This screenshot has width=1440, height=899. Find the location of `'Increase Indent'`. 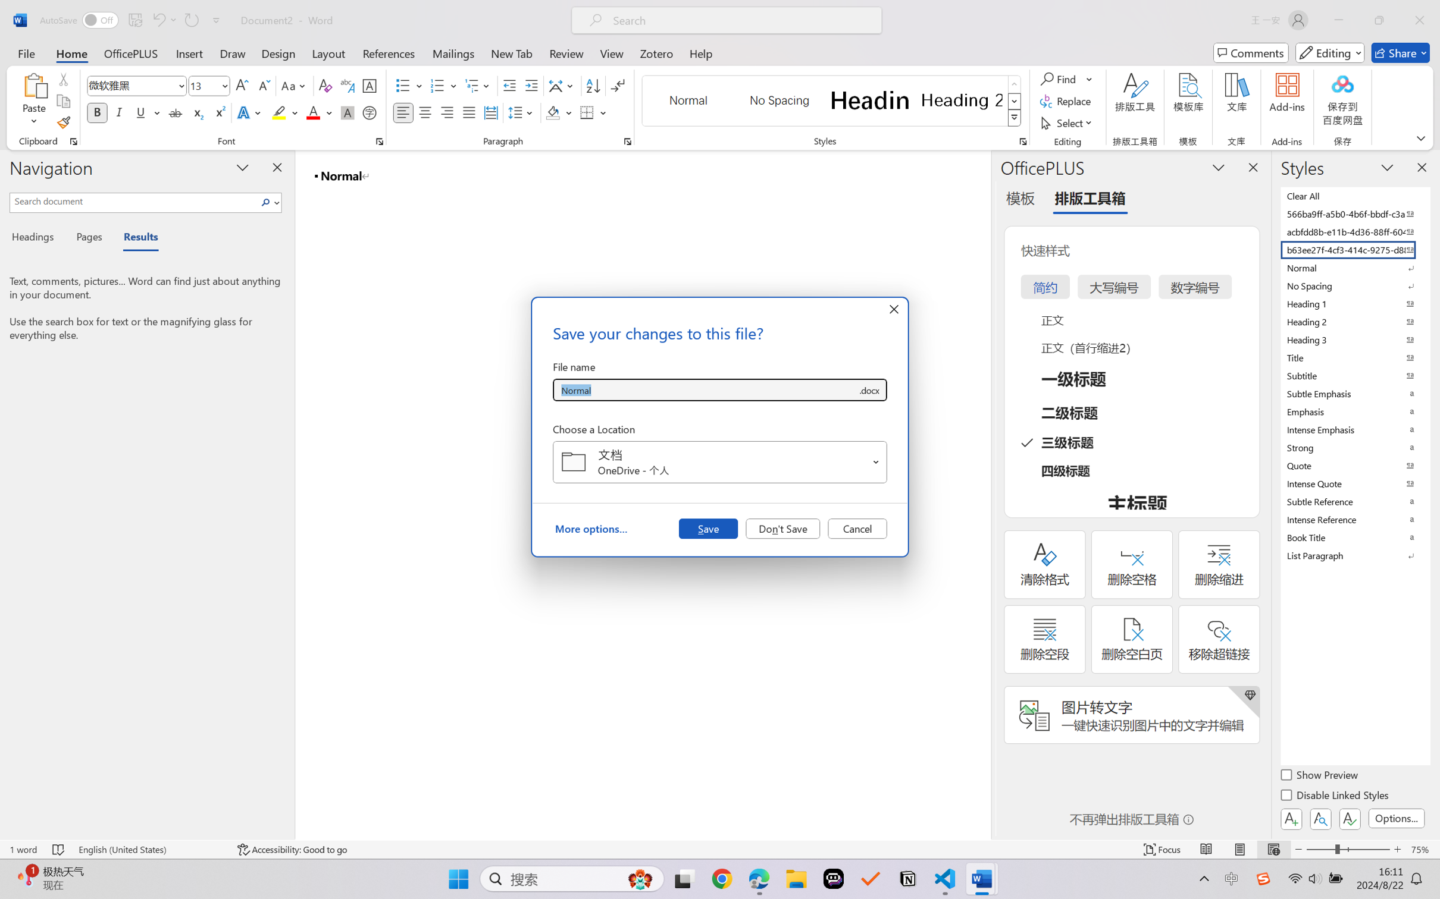

'Increase Indent' is located at coordinates (531, 86).